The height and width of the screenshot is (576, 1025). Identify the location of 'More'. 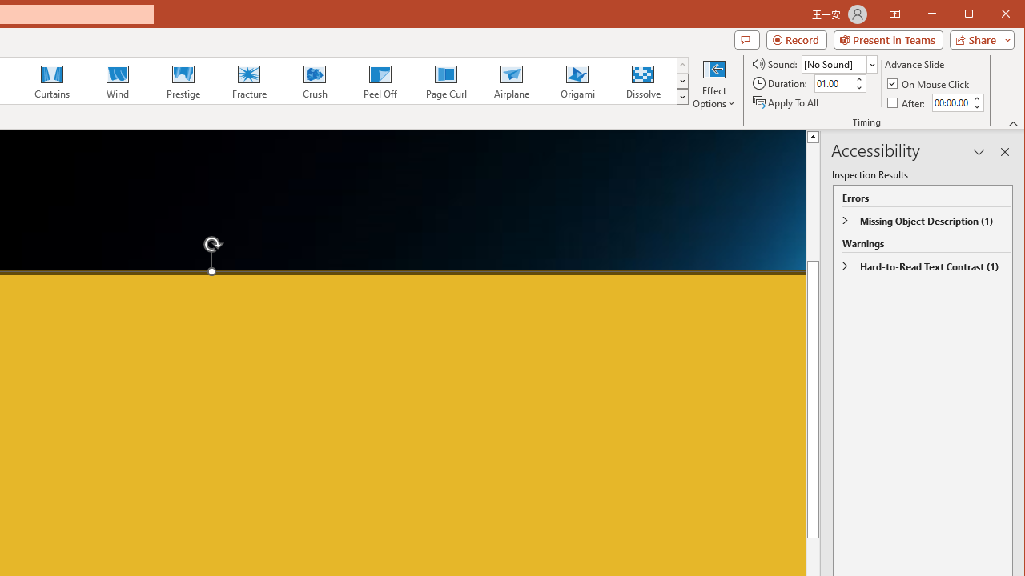
(975, 98).